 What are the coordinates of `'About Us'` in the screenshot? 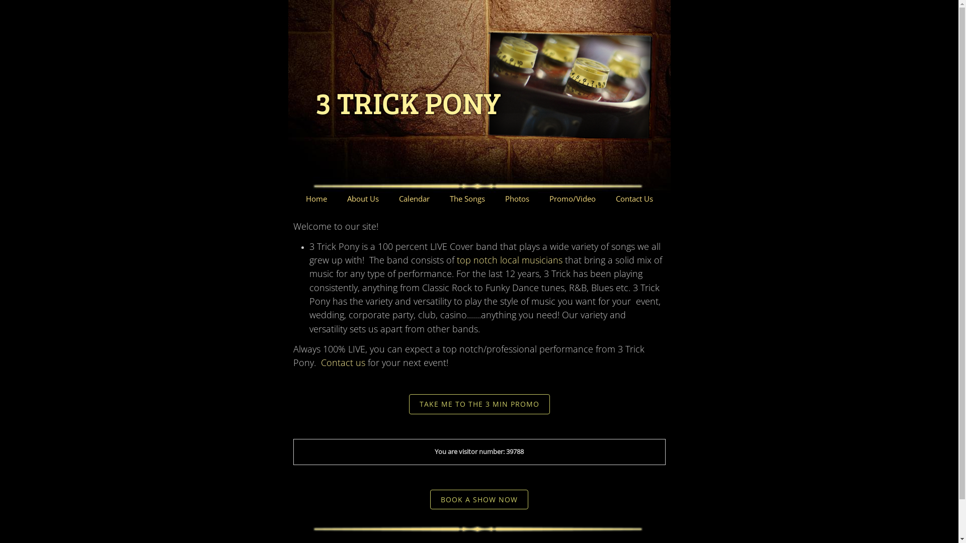 It's located at (362, 199).